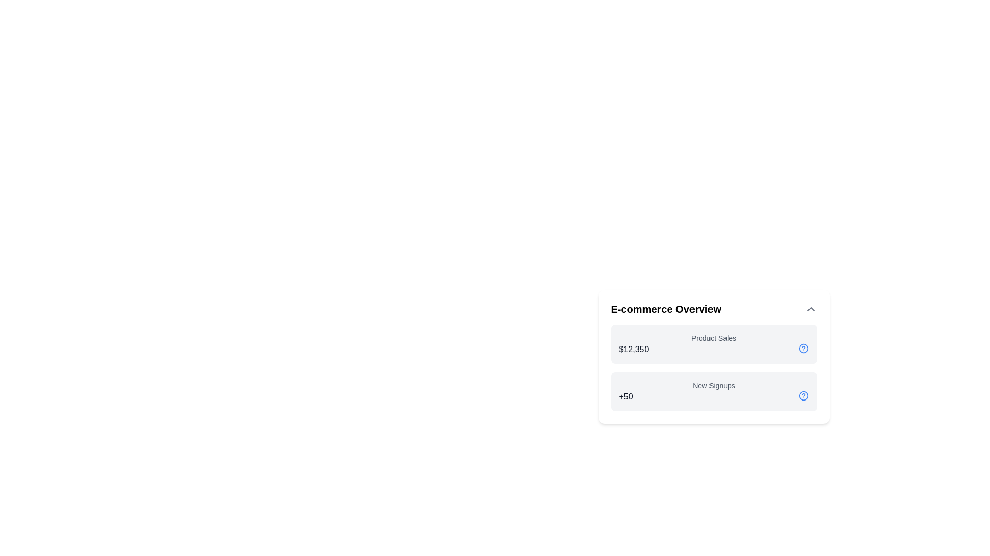 Image resolution: width=990 pixels, height=556 pixels. I want to click on the section header titled 'E-commerce Overview' which includes a toggle button on the right side, so click(713, 309).